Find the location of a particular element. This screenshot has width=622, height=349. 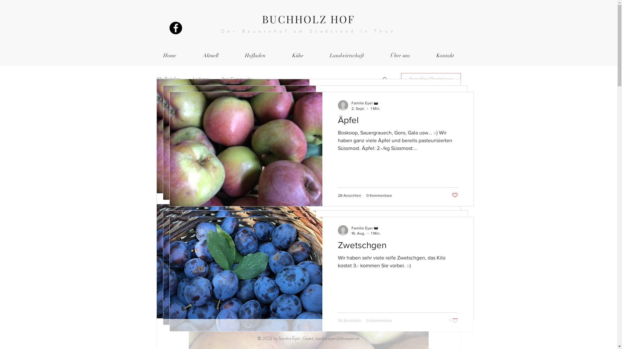

'Home' is located at coordinates (149, 55).